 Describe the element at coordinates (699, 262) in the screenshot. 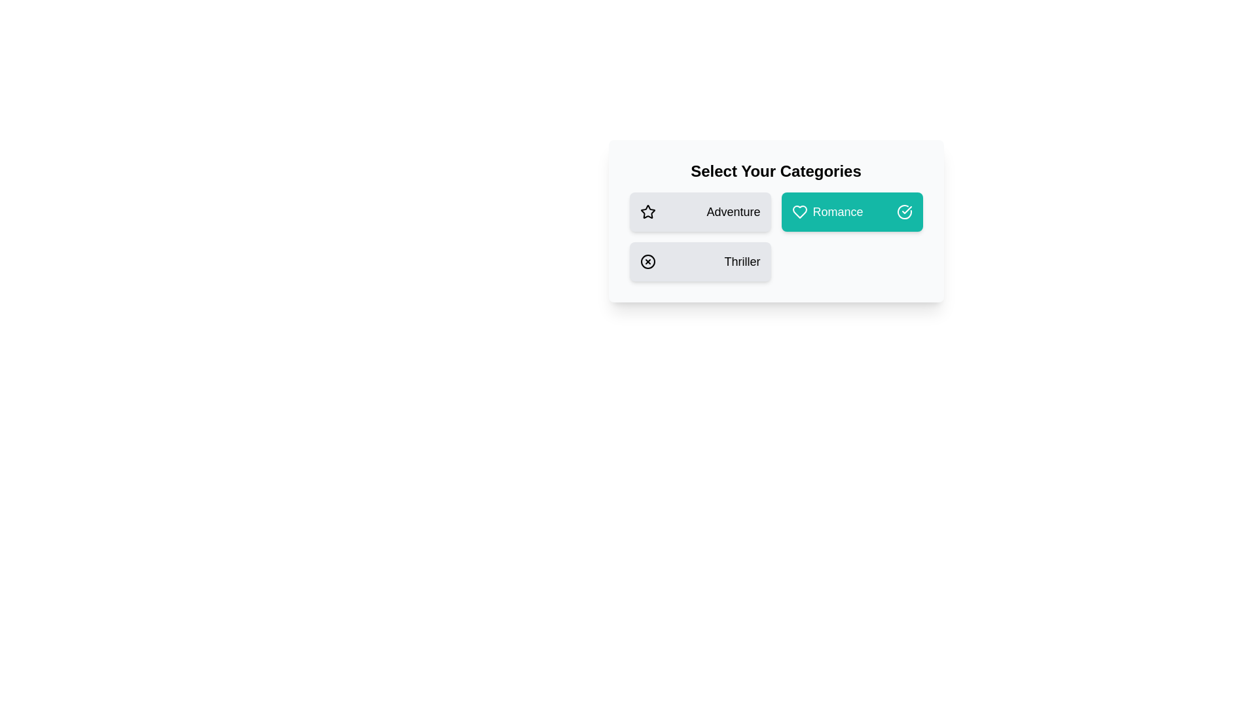

I see `the category Thriller` at that location.